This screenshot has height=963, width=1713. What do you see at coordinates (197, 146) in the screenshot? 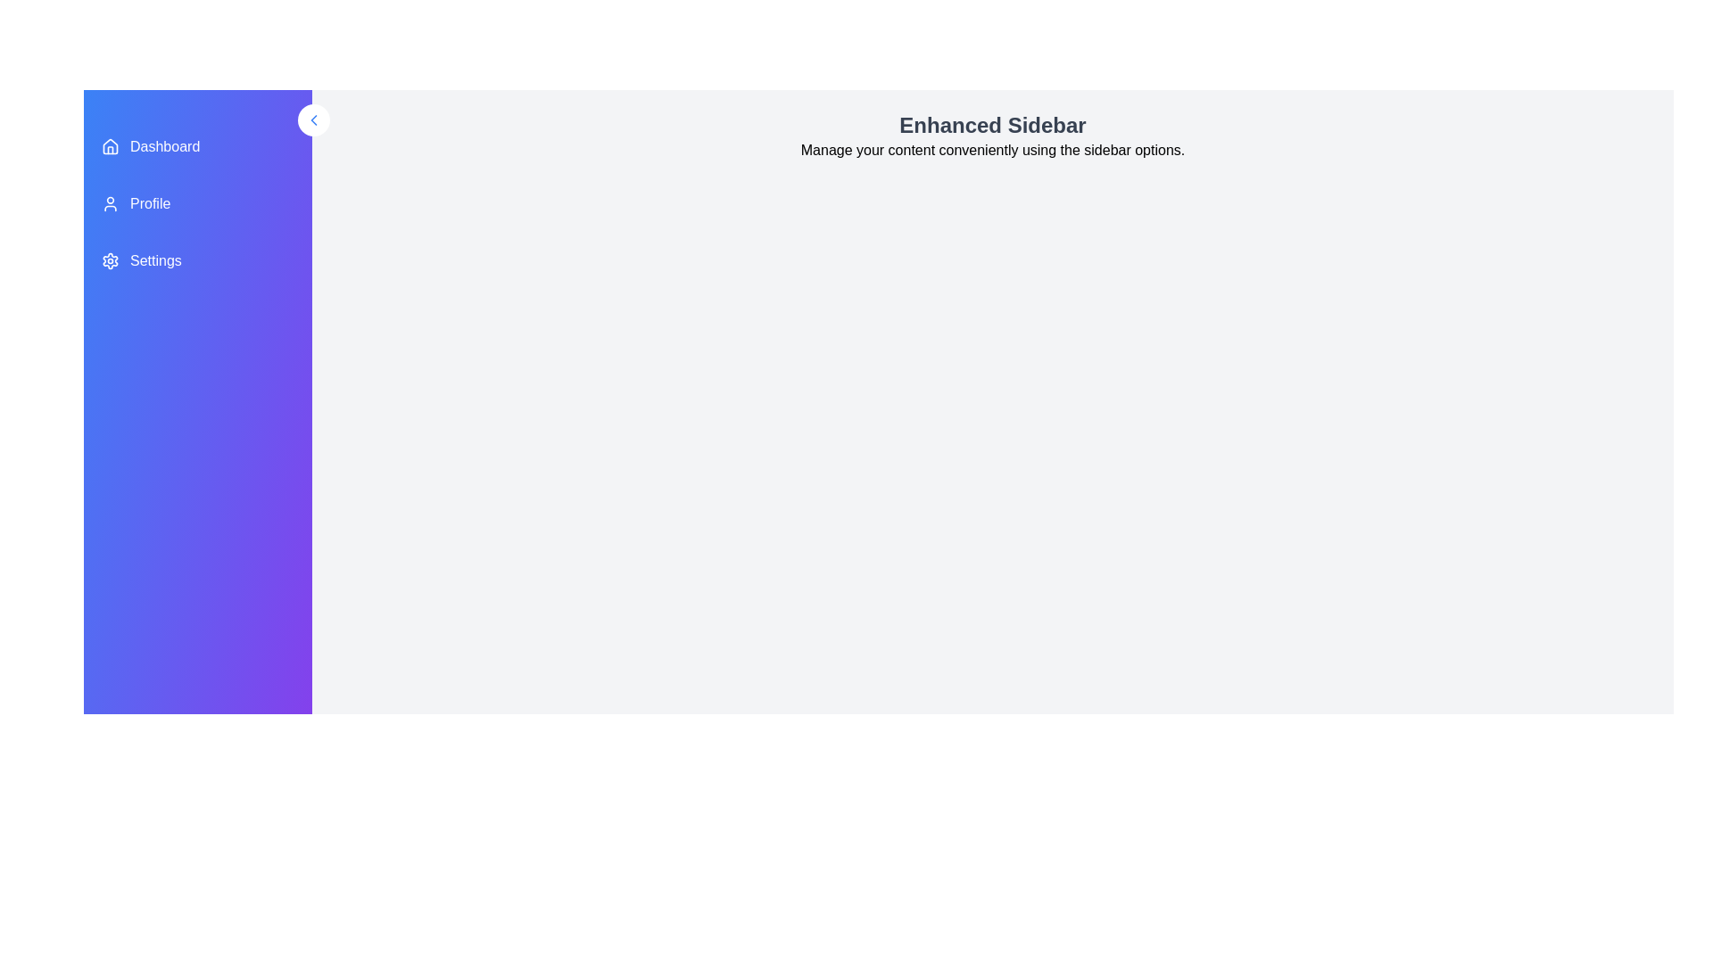
I see `the menu item Dashboard from the sidebar` at bounding box center [197, 146].